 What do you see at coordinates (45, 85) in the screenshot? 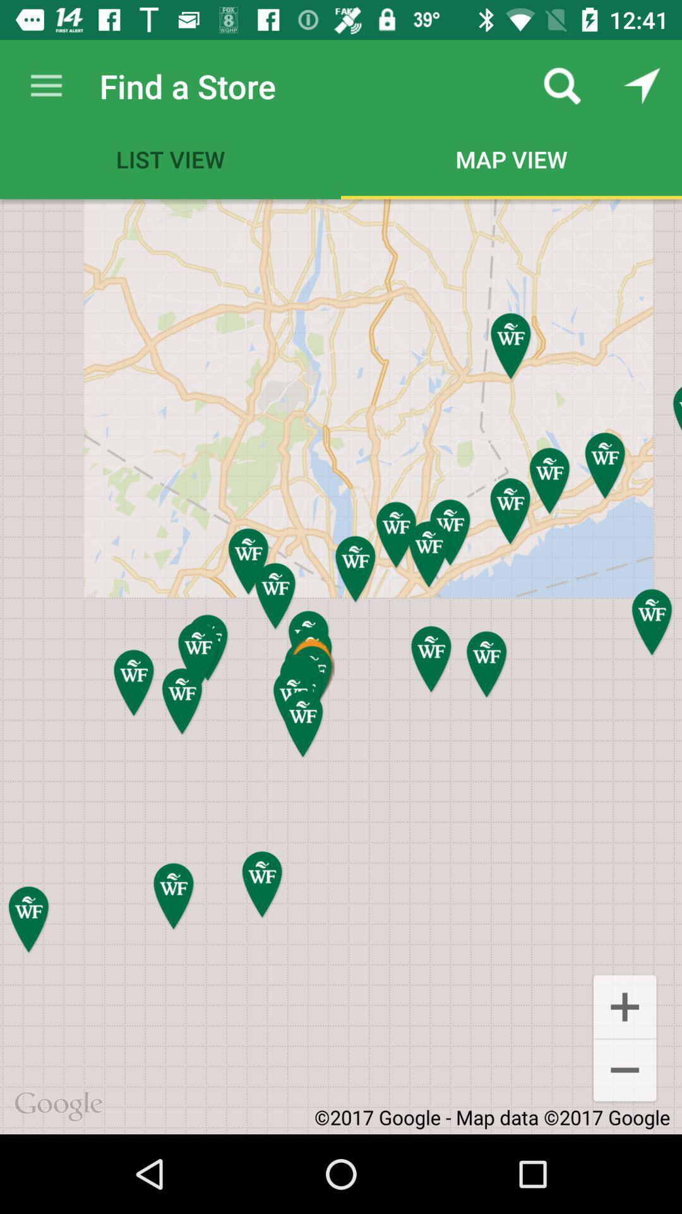
I see `icon to the left of find a store item` at bounding box center [45, 85].